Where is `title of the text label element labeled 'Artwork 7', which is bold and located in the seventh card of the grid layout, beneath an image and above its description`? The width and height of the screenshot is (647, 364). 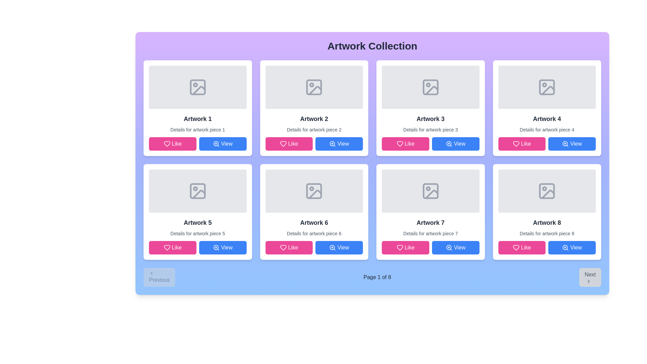 title of the text label element labeled 'Artwork 7', which is bold and located in the seventh card of the grid layout, beneath an image and above its description is located at coordinates (430, 222).